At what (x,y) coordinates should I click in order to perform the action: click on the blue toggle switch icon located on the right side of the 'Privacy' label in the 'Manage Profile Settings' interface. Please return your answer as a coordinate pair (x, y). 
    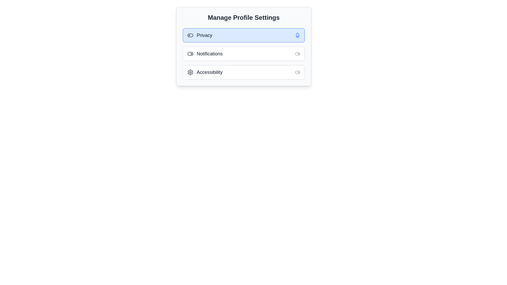
    Looking at the image, I should click on (298, 35).